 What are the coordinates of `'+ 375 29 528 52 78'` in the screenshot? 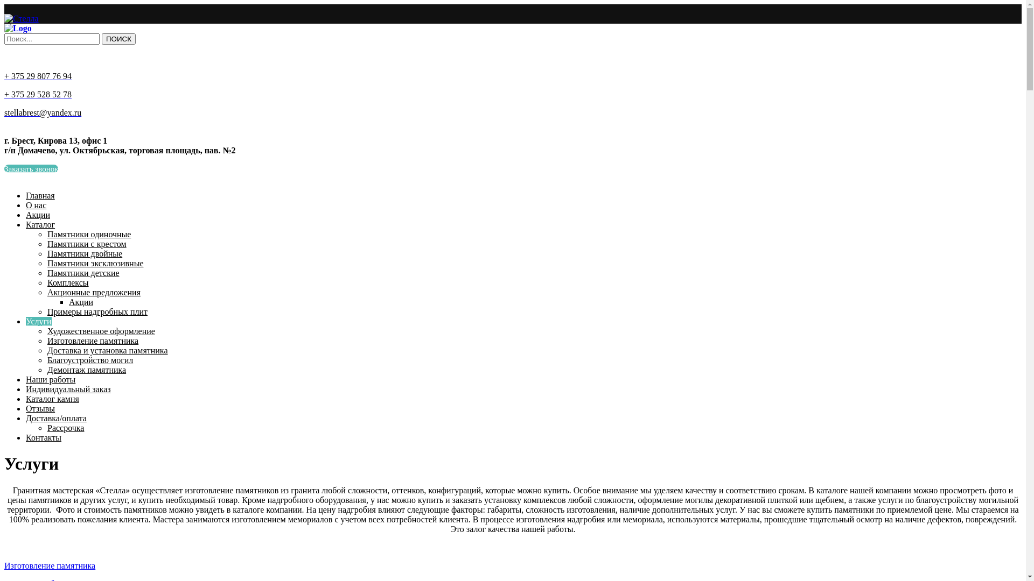 It's located at (4, 94).